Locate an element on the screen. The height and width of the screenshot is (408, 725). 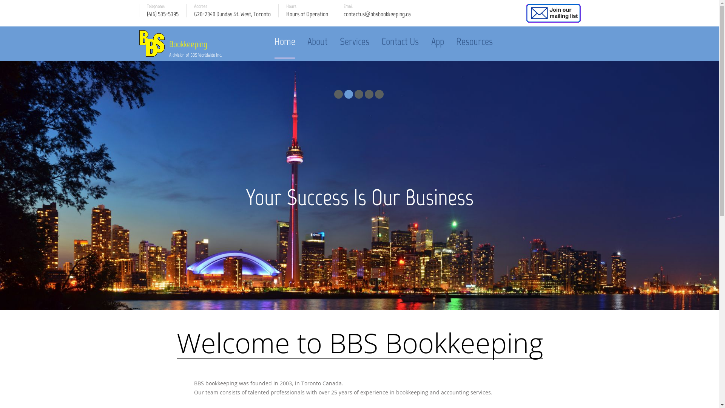
'Home' is located at coordinates (284, 41).